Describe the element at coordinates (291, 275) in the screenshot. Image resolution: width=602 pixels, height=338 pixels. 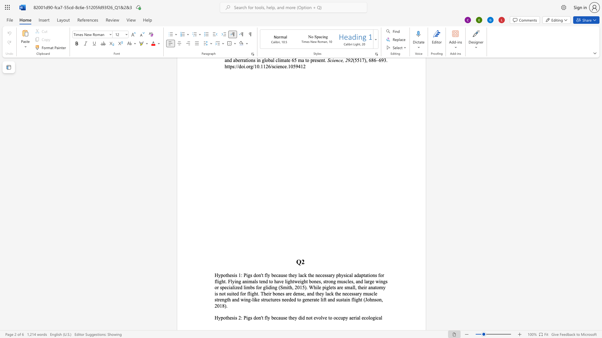
I see `the 1th character "h" in the text` at that location.